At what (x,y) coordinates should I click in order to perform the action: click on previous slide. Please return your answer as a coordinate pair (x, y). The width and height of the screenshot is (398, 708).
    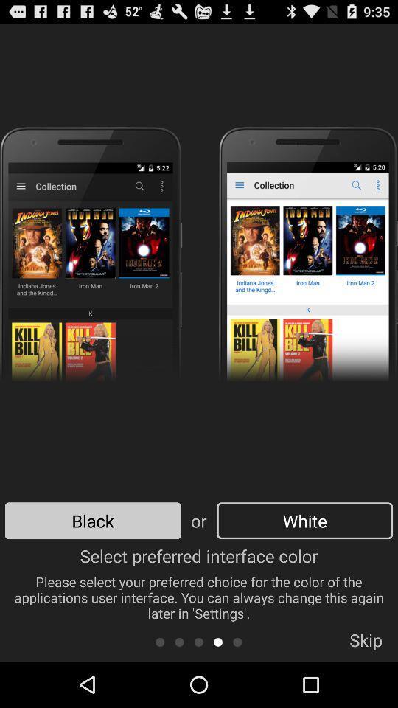
    Looking at the image, I should click on (198, 641).